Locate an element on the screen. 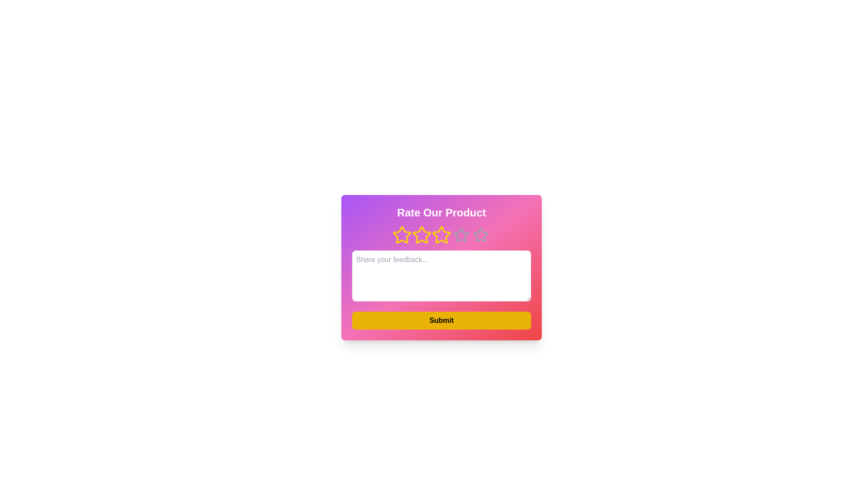  the third star icon in the rating system is located at coordinates (442, 234).